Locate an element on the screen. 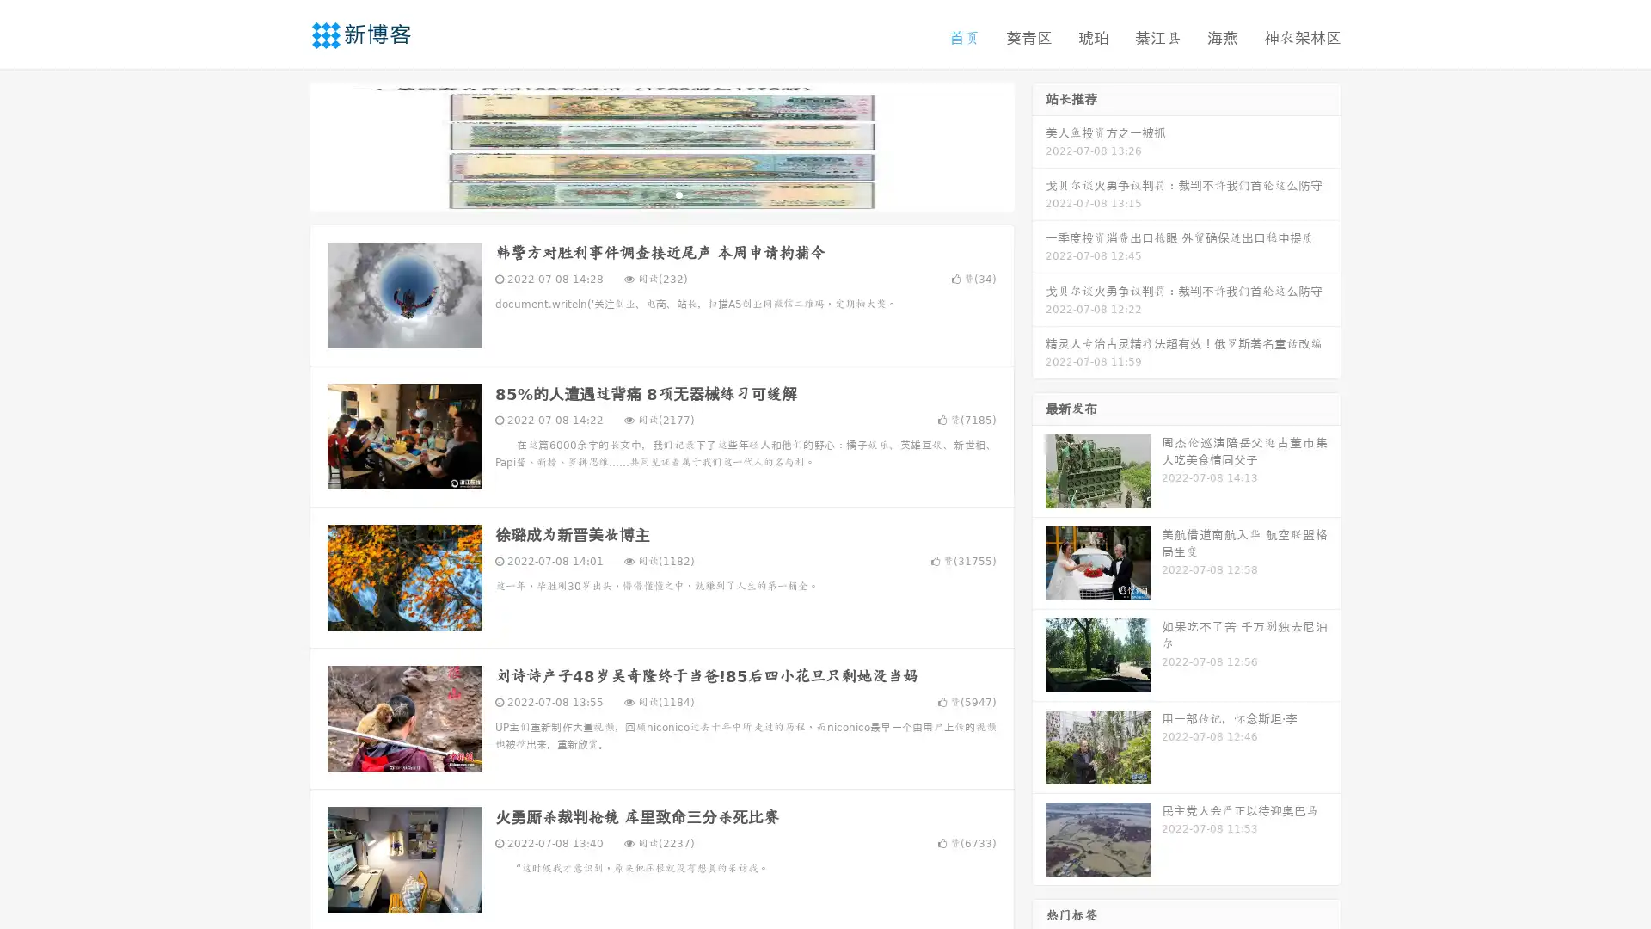  Go to slide 1 is located at coordinates (643, 194).